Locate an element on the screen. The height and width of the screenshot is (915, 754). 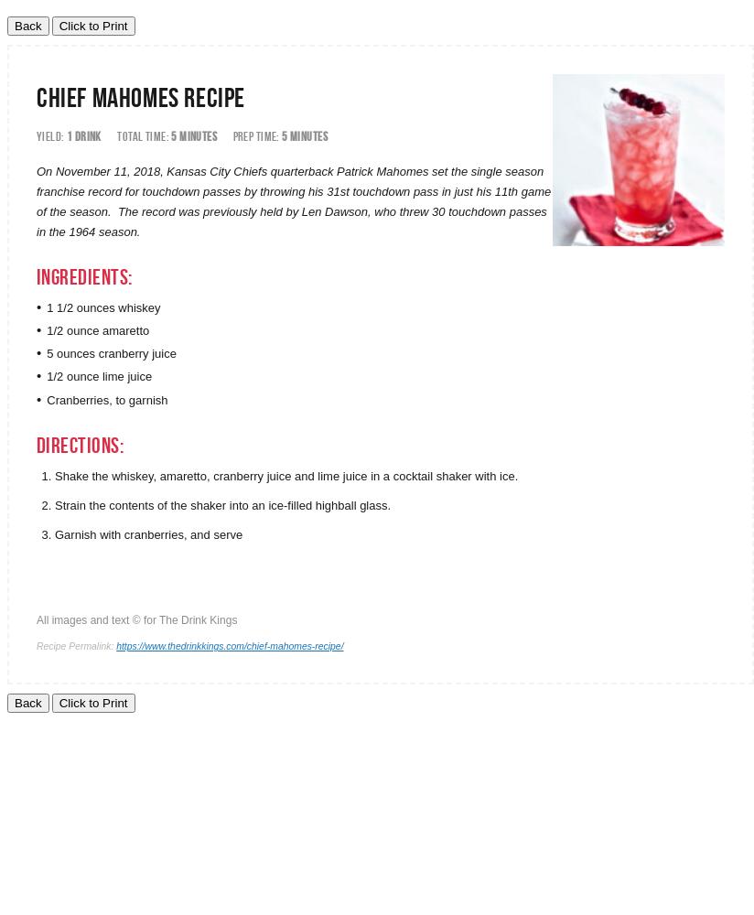
'Prep Time:' is located at coordinates (254, 136).